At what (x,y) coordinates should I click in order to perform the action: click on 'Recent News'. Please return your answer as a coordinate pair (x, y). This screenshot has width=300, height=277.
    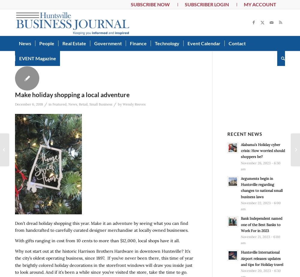
    Looking at the image, I should click on (227, 134).